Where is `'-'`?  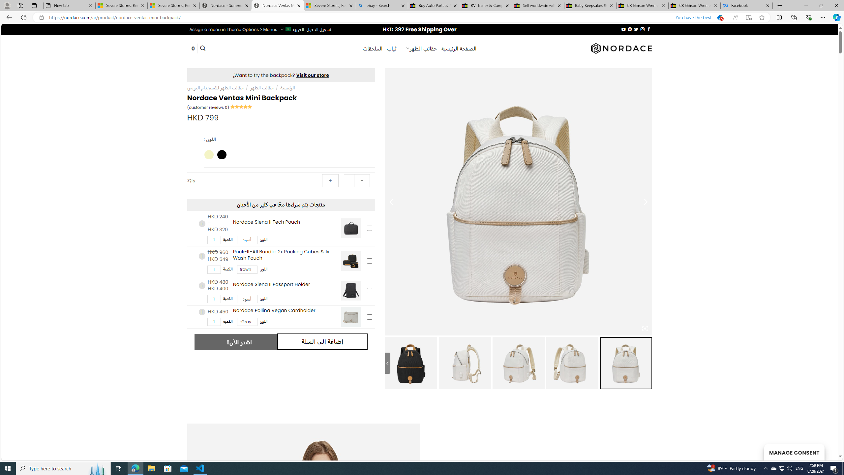
'-' is located at coordinates (361, 180).